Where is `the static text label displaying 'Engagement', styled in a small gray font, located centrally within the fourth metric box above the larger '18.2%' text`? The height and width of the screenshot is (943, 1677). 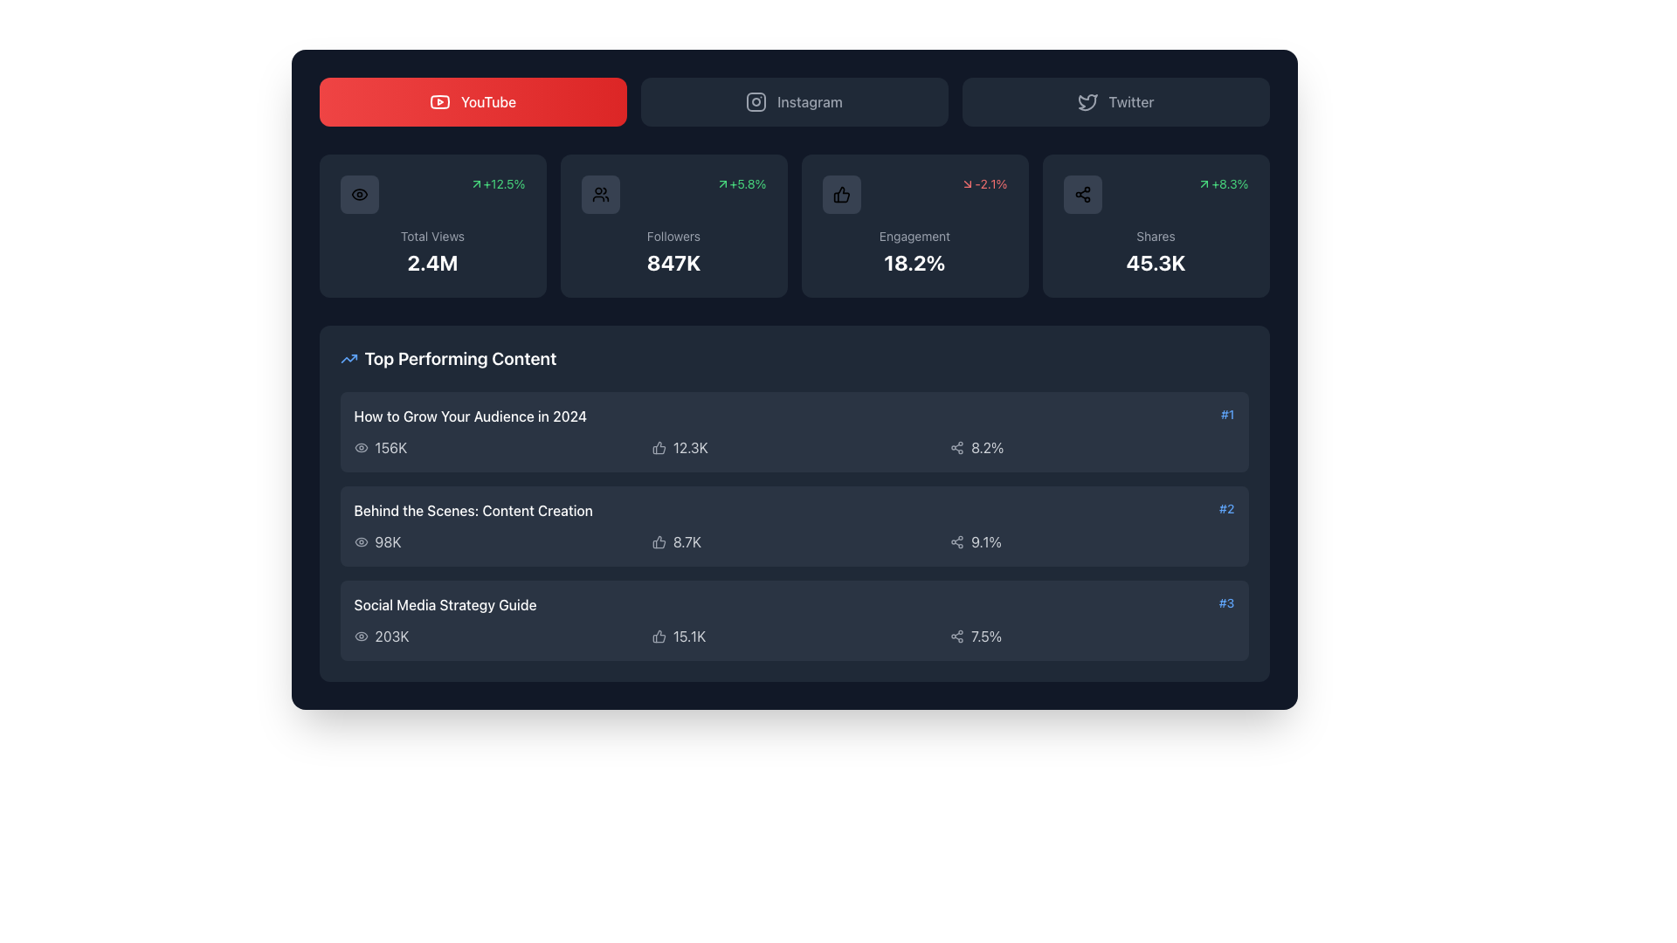 the static text label displaying 'Engagement', styled in a small gray font, located centrally within the fourth metric box above the larger '18.2%' text is located at coordinates (914, 236).